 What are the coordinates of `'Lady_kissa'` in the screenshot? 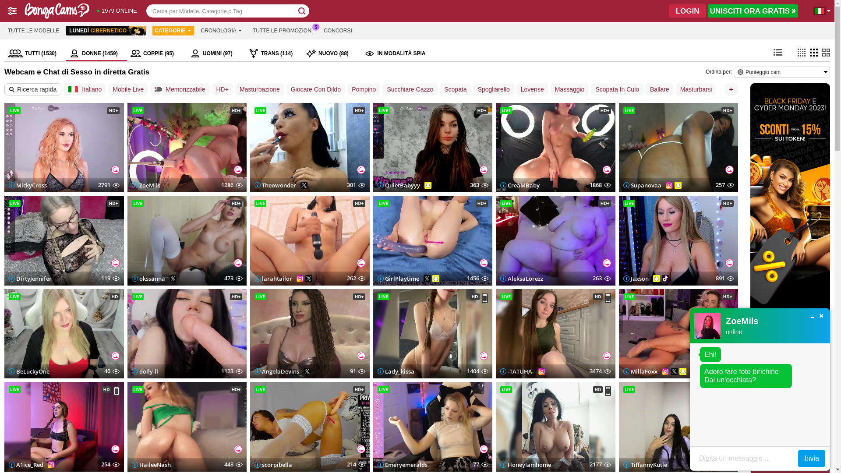 It's located at (378, 371).